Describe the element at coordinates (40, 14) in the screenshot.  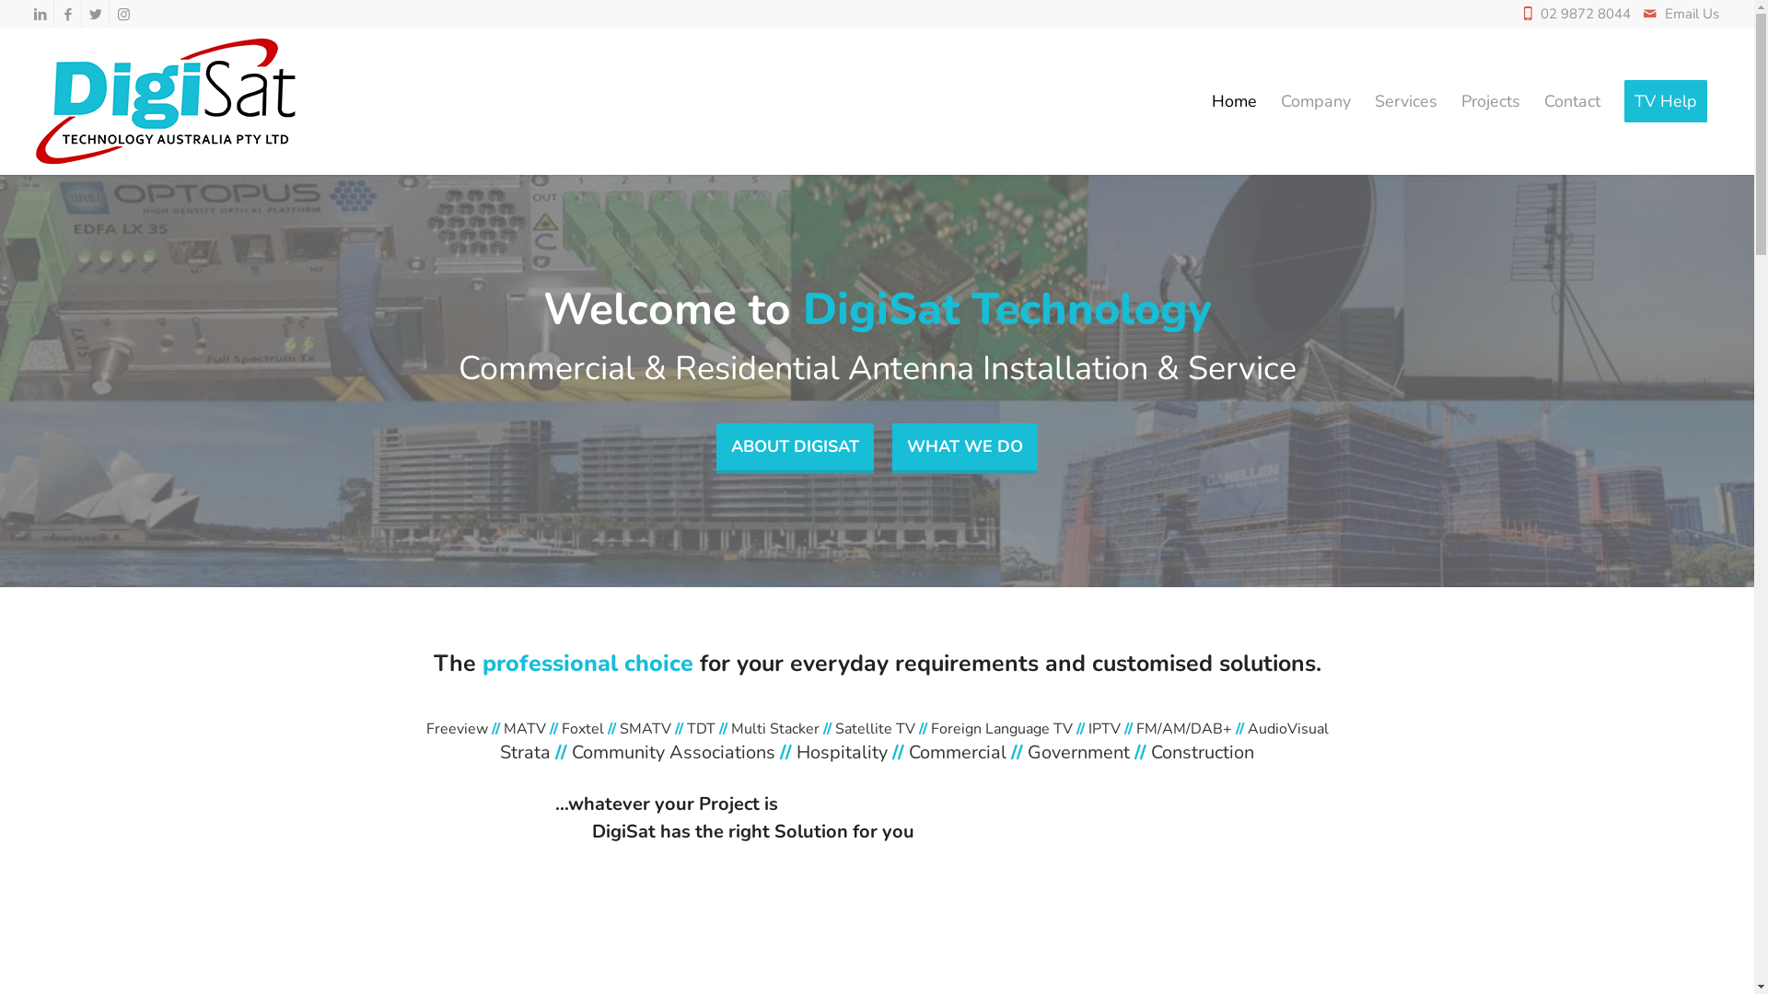
I see `'LinkedIn'` at that location.